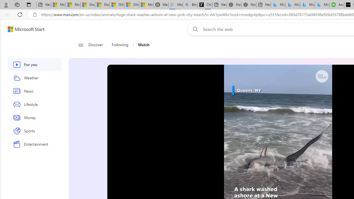 The width and height of the screenshot is (354, 199). I want to click on 'Shanghai, China weather forecast | Microsoft Weather', so click(102, 5).